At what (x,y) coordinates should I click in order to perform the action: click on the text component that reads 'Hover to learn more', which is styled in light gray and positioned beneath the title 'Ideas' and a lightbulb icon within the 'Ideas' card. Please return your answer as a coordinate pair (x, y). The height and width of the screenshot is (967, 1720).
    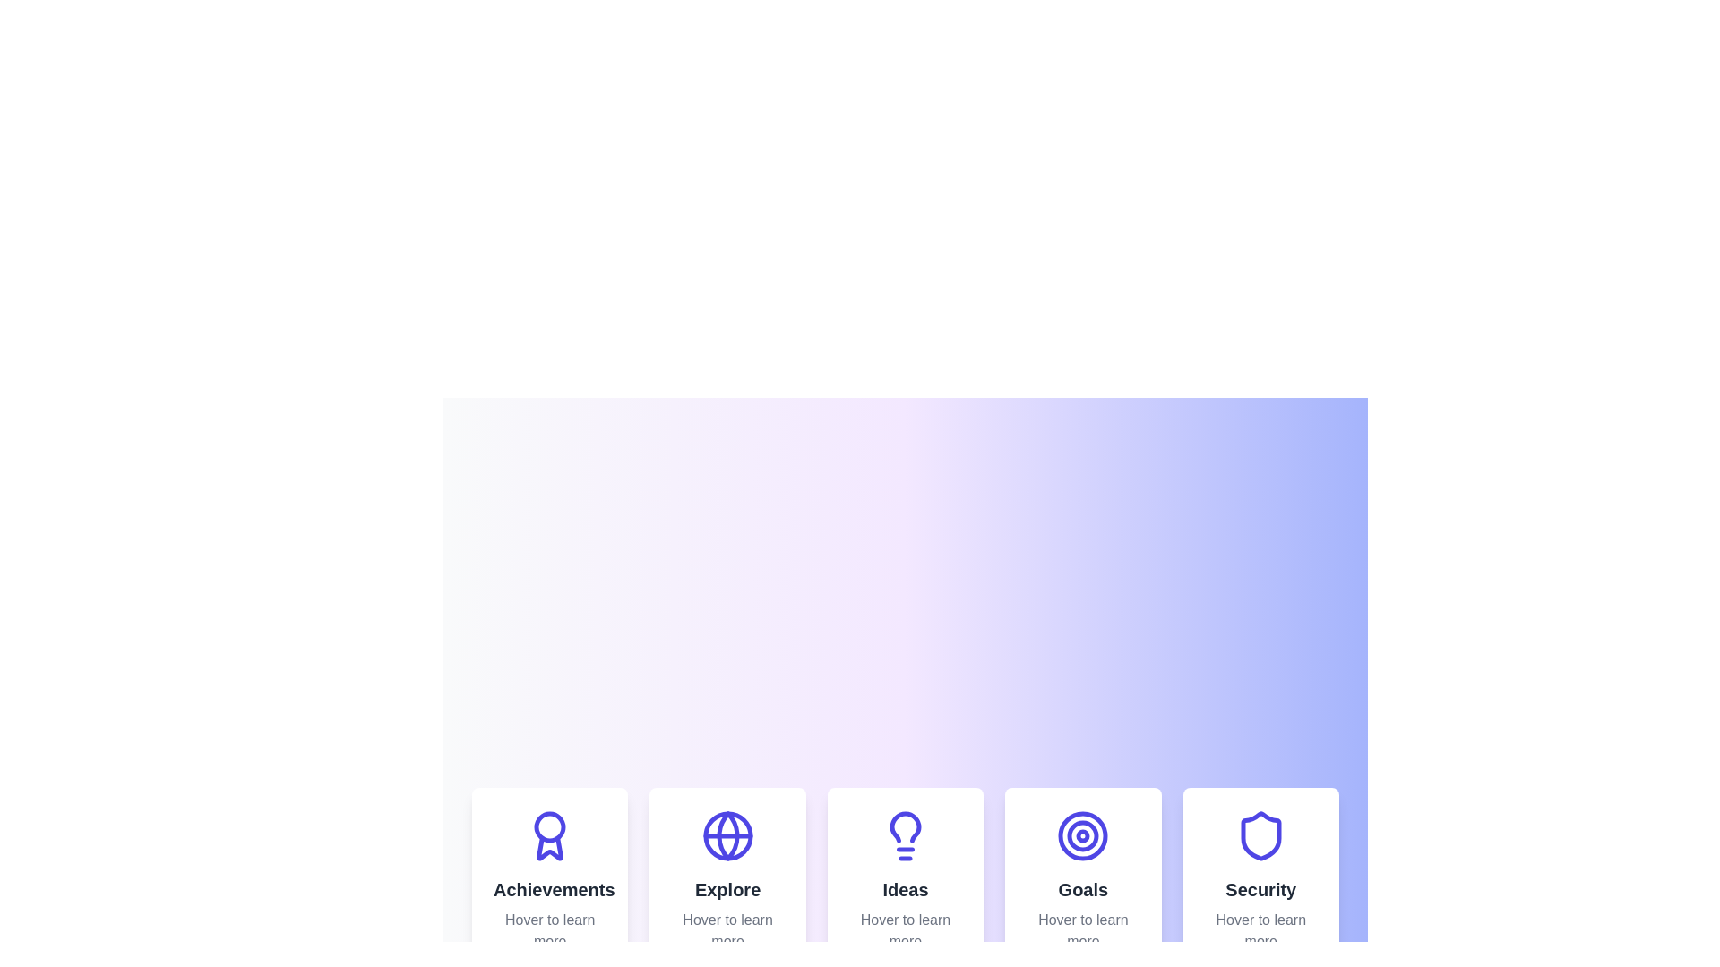
    Looking at the image, I should click on (906, 930).